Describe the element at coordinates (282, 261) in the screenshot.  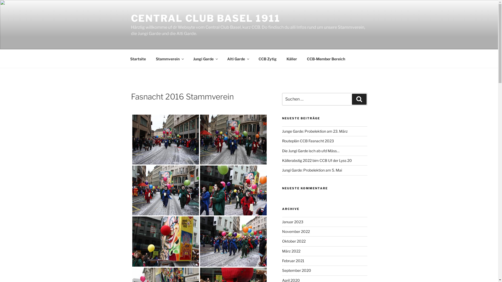
I see `'Februar 2021'` at that location.